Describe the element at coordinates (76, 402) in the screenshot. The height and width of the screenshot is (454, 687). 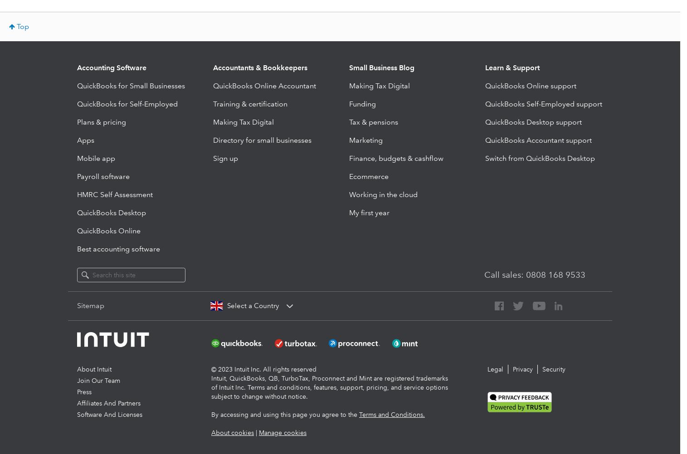
I see `'Affiliates And Partners'` at that location.